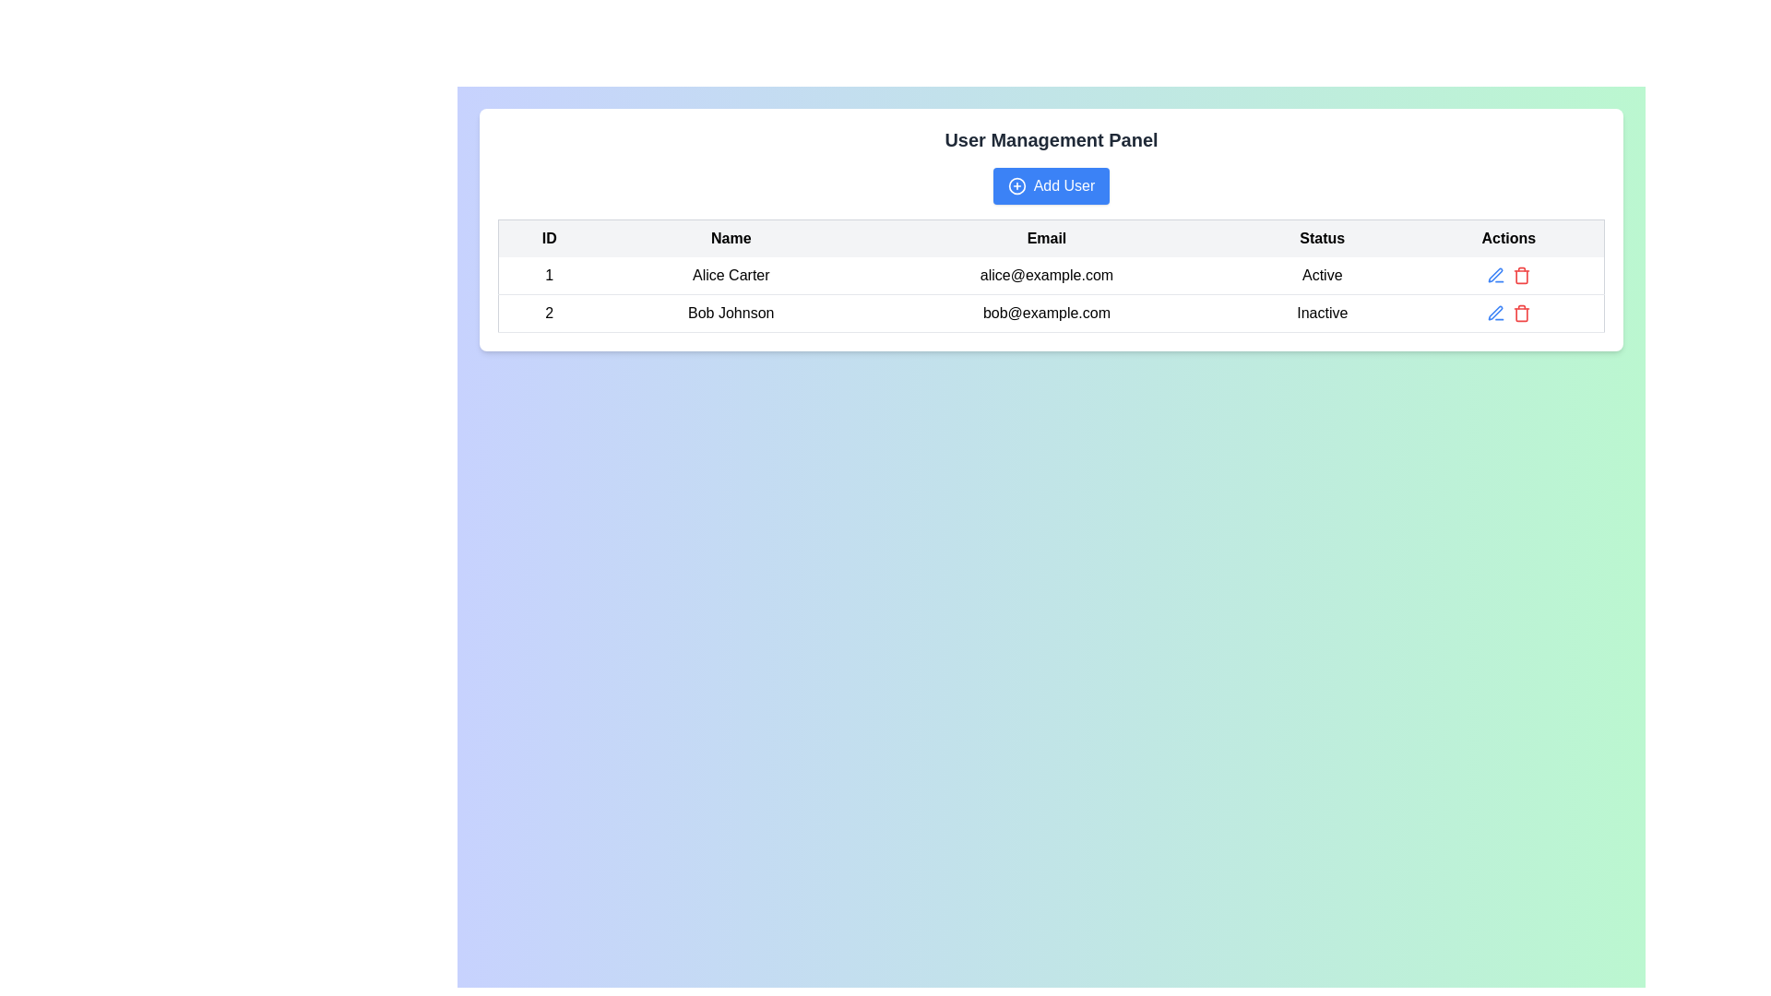 This screenshot has height=996, width=1771. Describe the element at coordinates (1508, 312) in the screenshot. I see `the delete button located in the Action button group, which is styled in red and is part of the second row in the Actions column of the table layout` at that location.